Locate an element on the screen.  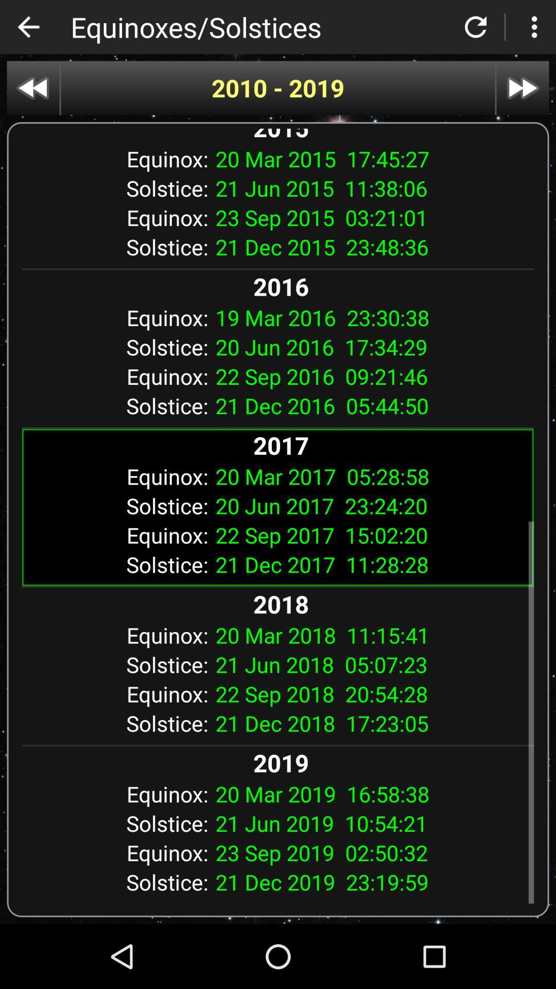
2010 - 2019 item is located at coordinates (278, 88).